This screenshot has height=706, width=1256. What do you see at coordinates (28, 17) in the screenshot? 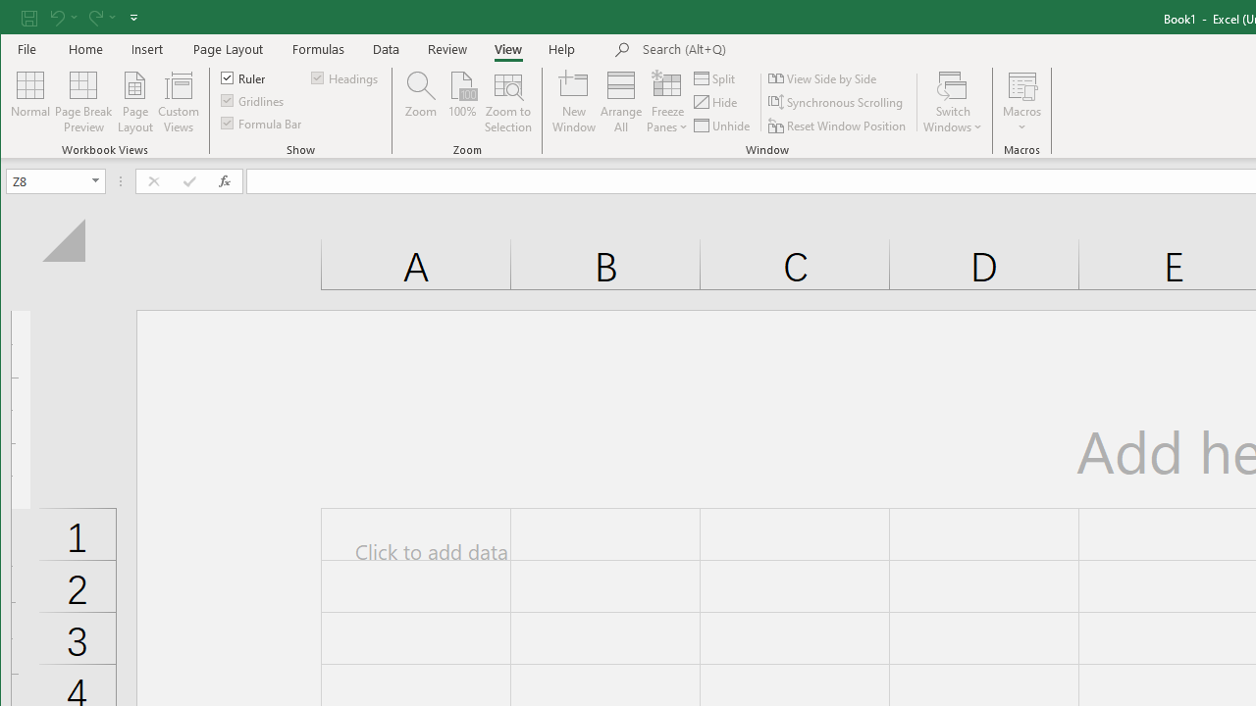
I see `'Save'` at bounding box center [28, 17].